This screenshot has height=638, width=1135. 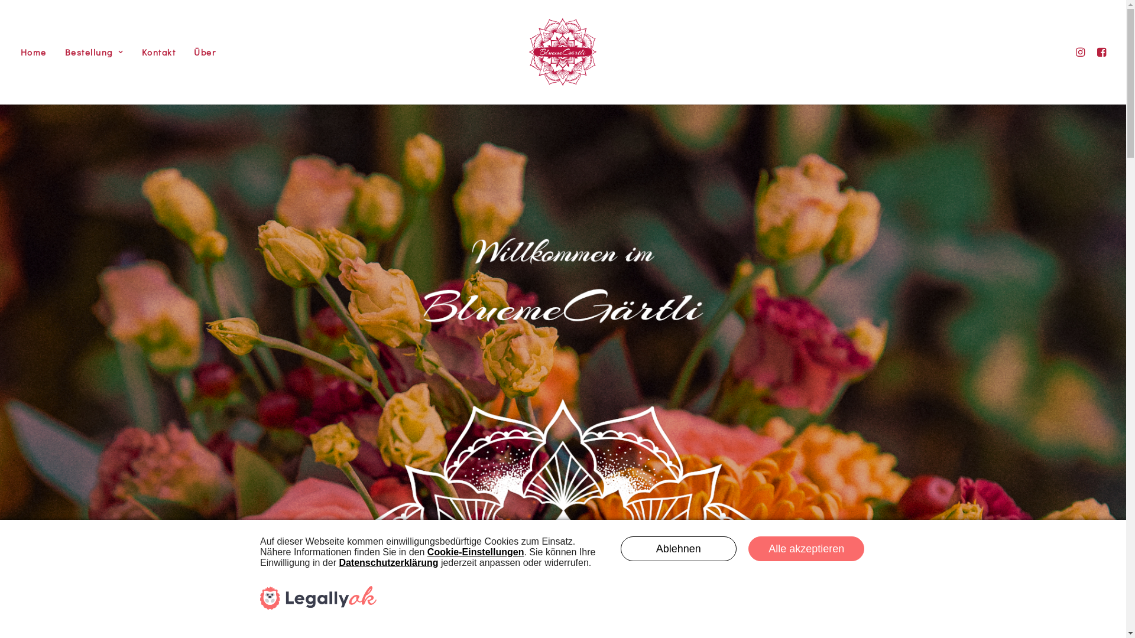 What do you see at coordinates (158, 51) in the screenshot?
I see `'Kontakt'` at bounding box center [158, 51].